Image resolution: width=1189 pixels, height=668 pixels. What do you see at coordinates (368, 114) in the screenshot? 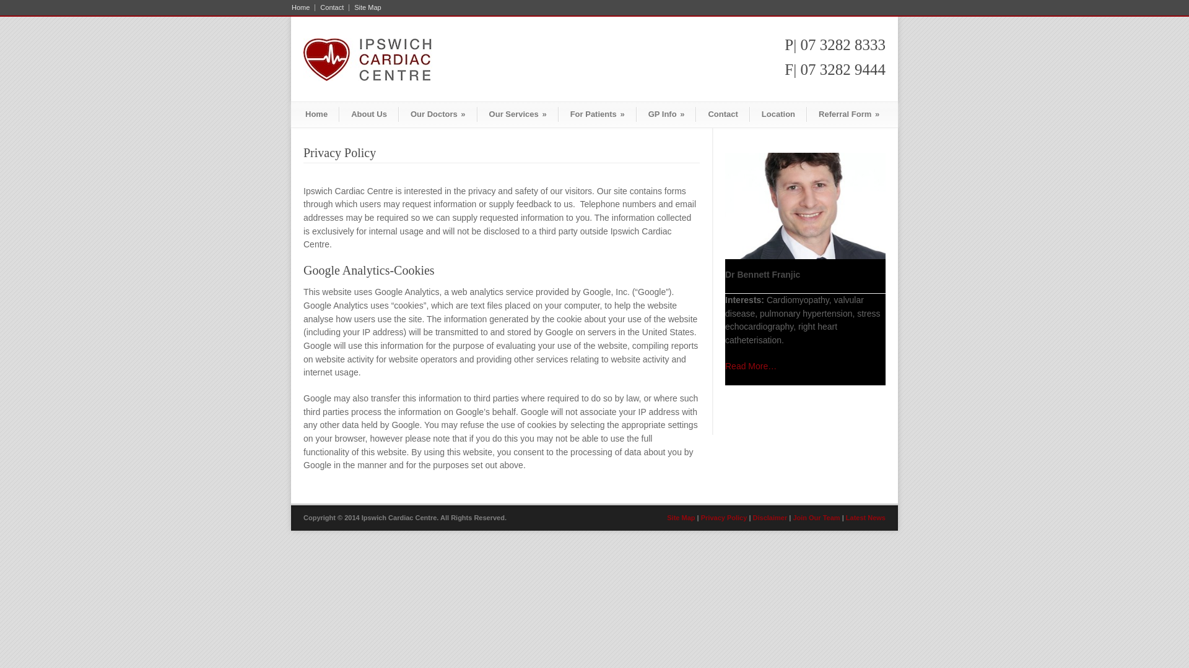
I see `'About Us'` at bounding box center [368, 114].